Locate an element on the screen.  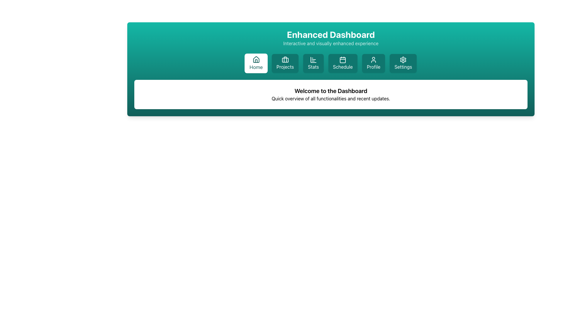
the 'Settings' button that includes the settings icon located in the top-right section of the navigation bar is located at coordinates (403, 60).